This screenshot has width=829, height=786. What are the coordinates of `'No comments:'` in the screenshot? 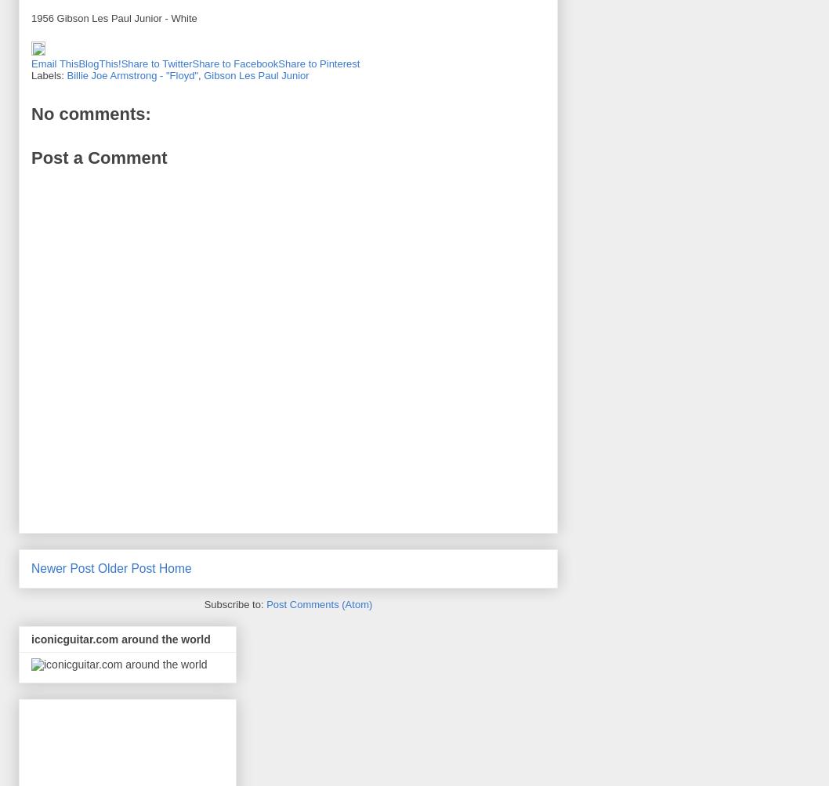 It's located at (89, 113).